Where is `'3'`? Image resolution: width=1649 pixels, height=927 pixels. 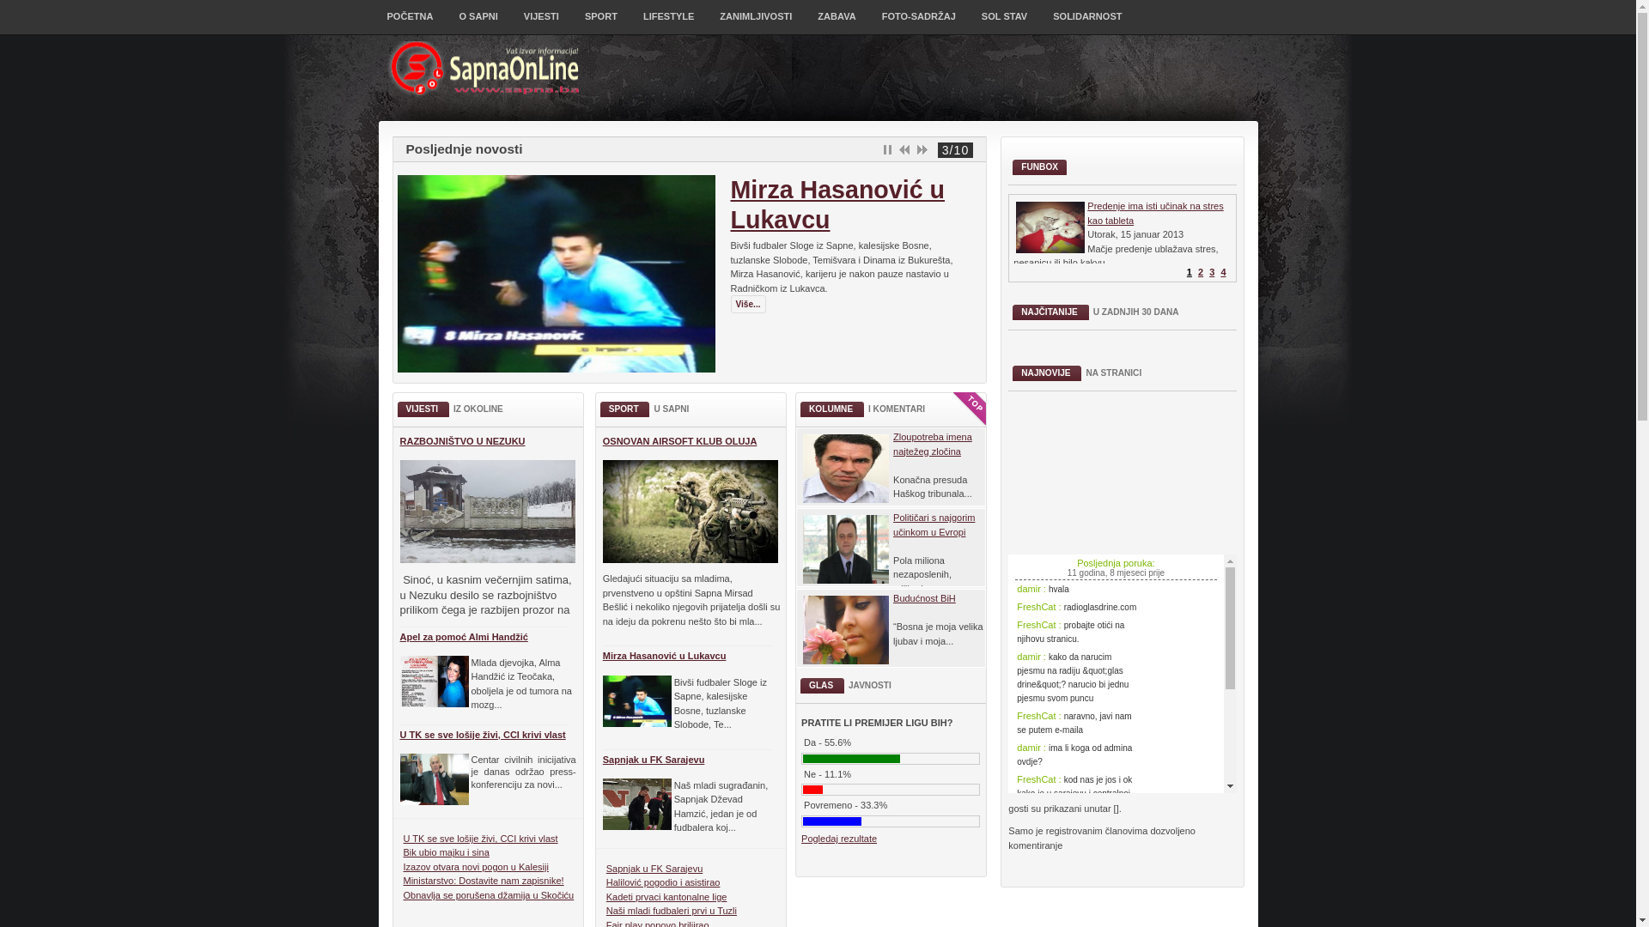 '3' is located at coordinates (1211, 270).